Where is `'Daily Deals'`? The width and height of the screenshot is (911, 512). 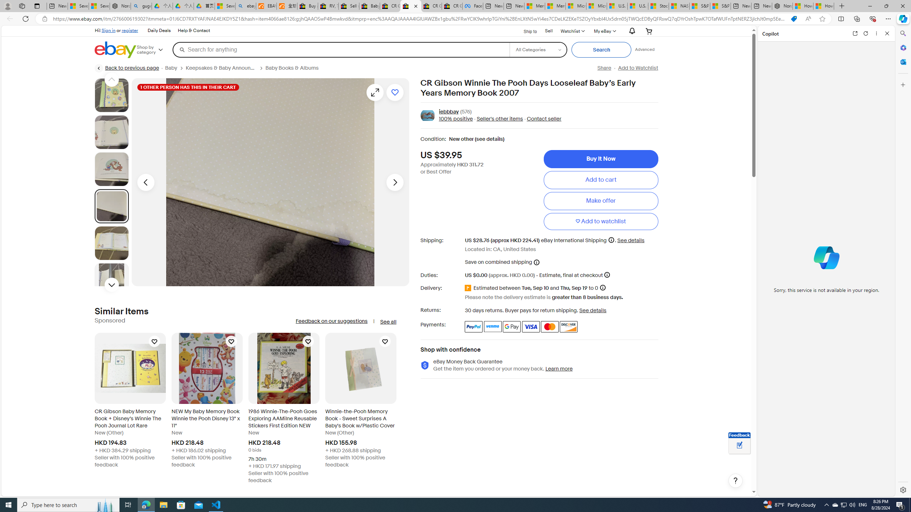
'Daily Deals' is located at coordinates (159, 31).